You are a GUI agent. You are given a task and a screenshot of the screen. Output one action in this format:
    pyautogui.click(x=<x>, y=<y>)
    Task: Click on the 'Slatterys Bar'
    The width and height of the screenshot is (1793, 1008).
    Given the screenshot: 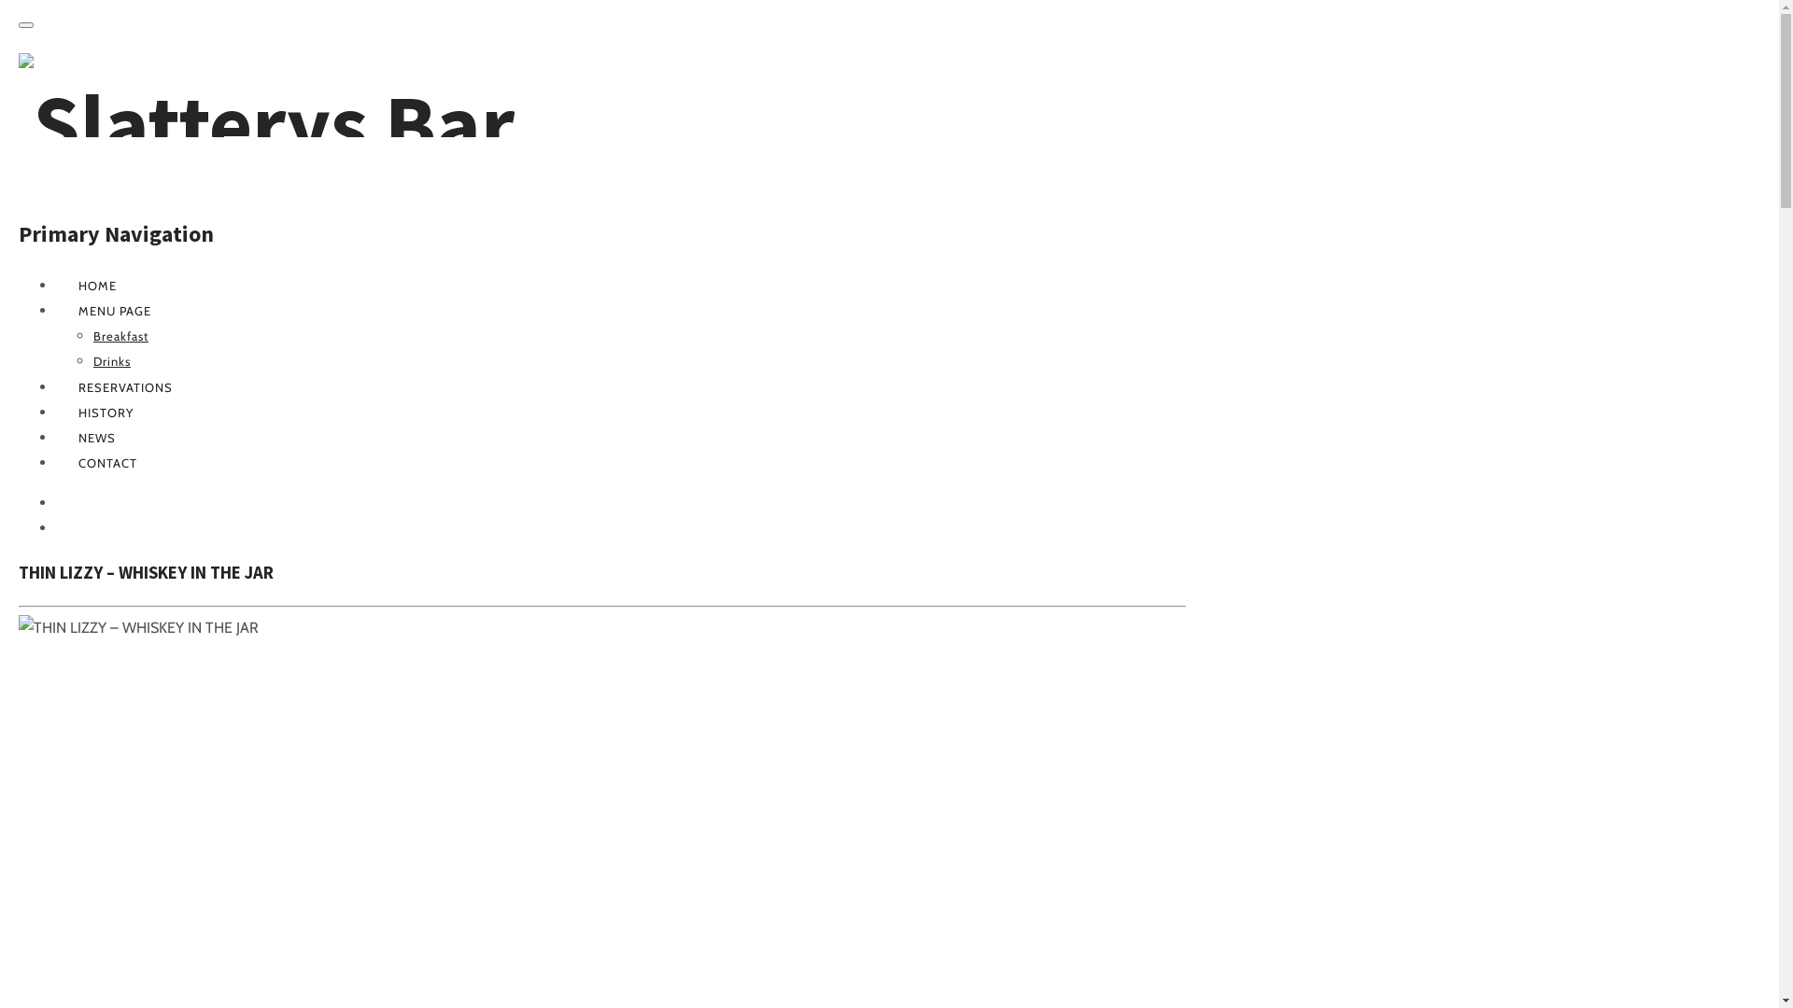 What is the action you would take?
    pyautogui.click(x=18, y=123)
    